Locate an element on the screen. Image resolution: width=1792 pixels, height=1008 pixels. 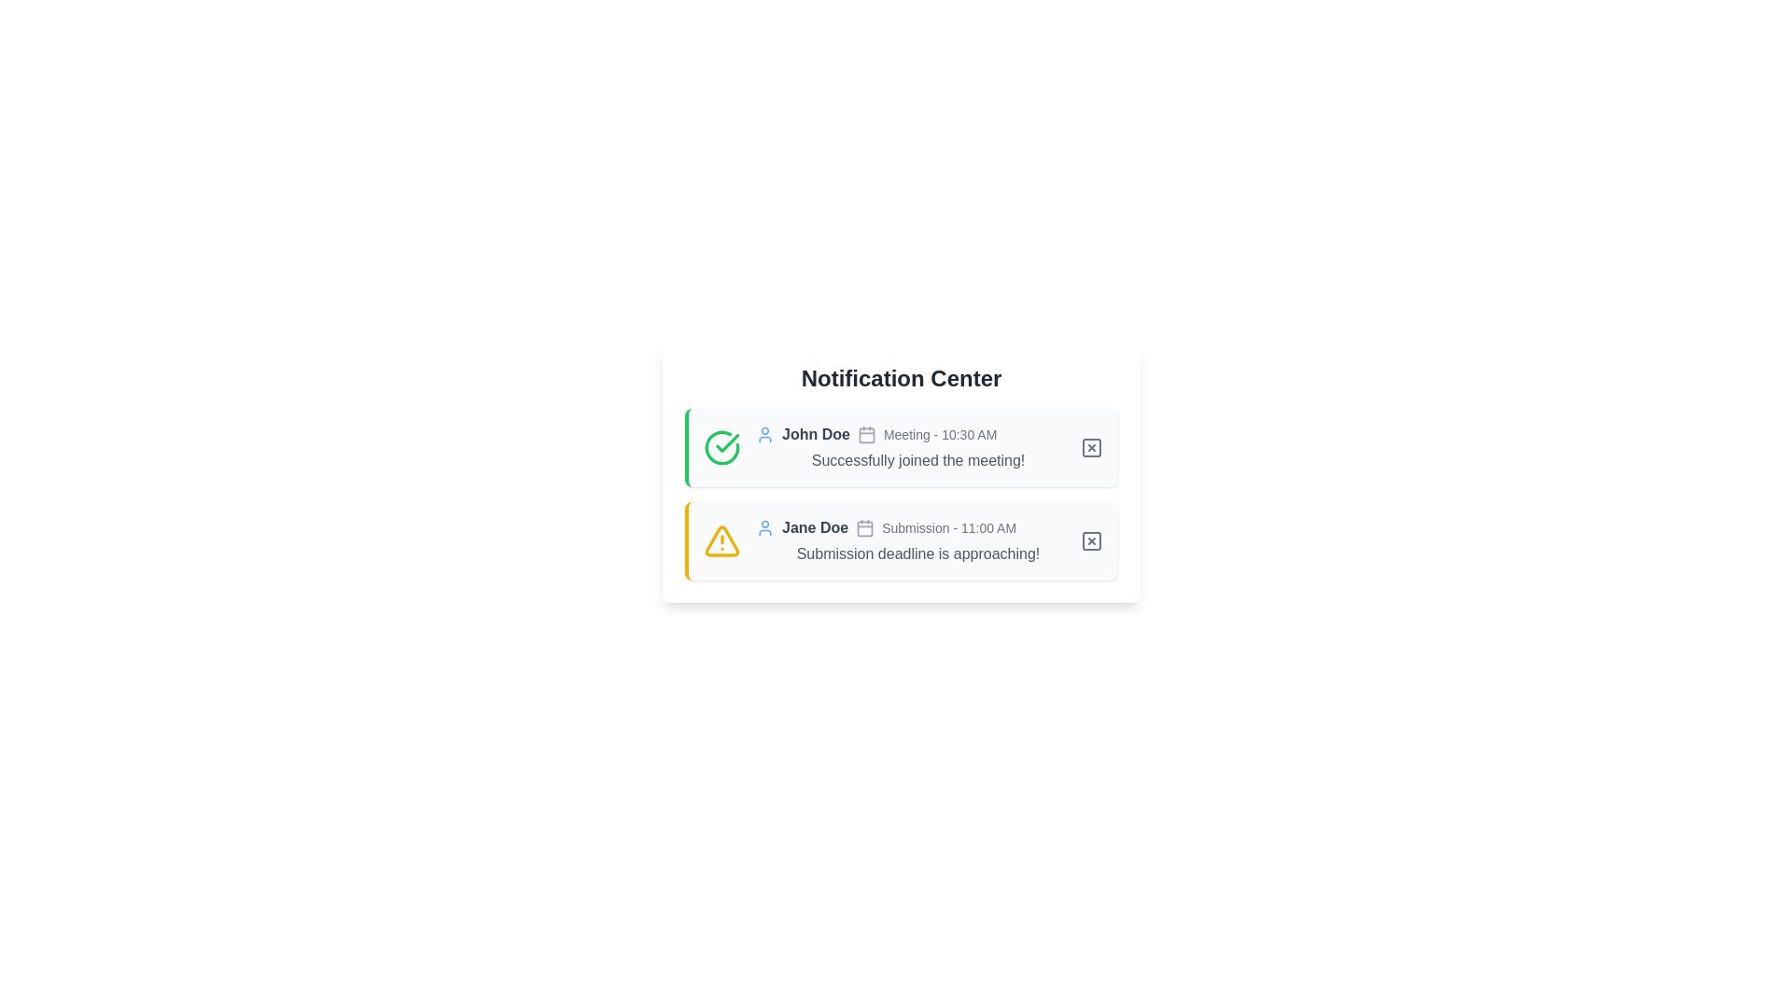
the success indicator icon located to the left of the first notification item, adjacent to the avatar icon is located at coordinates (726, 442).